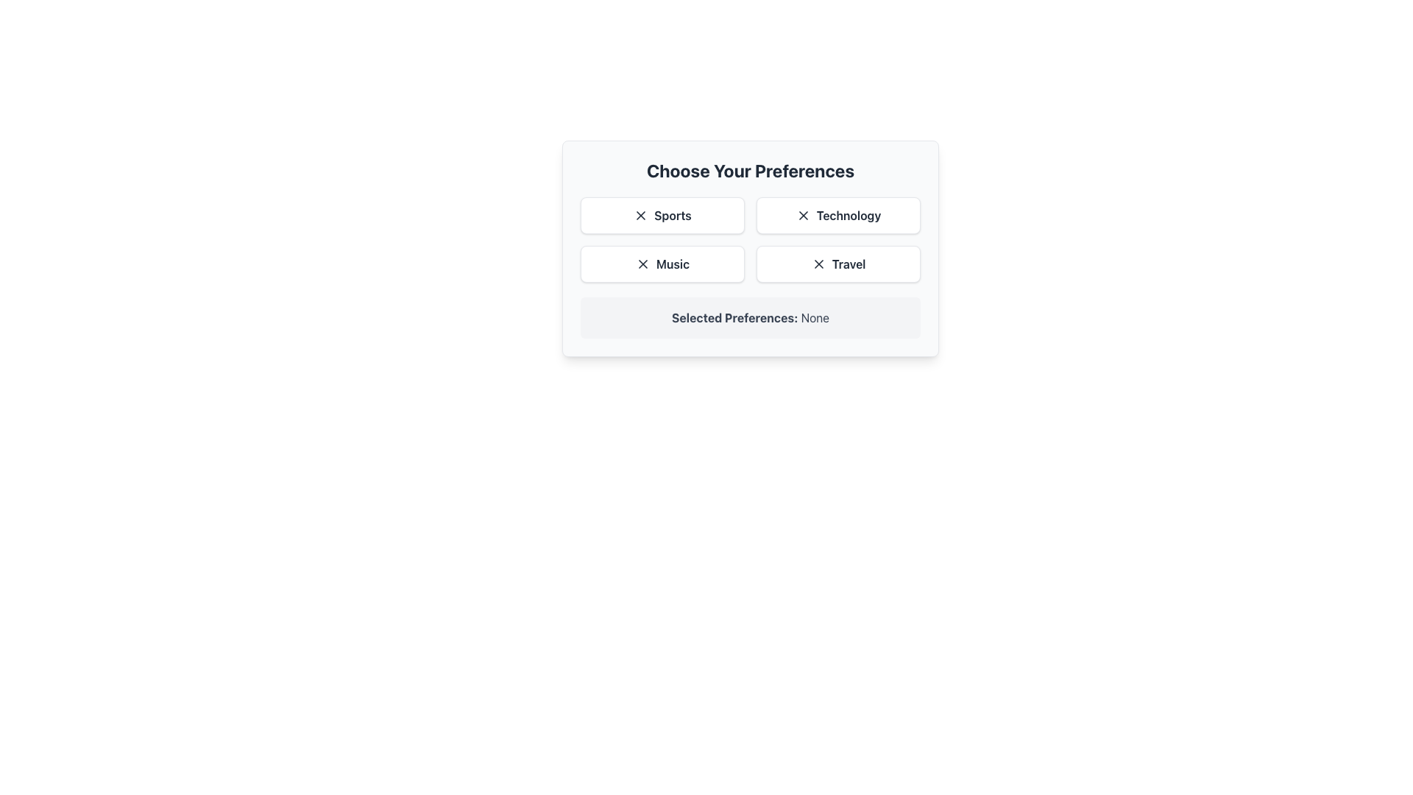  Describe the element at coordinates (642, 263) in the screenshot. I see `the cancellation icon located in the bottom-left grid cell associated with the 'Music' label in the preference selection menu` at that location.